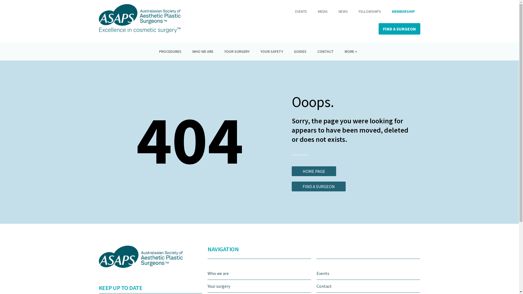 This screenshot has height=294, width=523. Describe the element at coordinates (170, 51) in the screenshot. I see `'PROCEDURES'` at that location.